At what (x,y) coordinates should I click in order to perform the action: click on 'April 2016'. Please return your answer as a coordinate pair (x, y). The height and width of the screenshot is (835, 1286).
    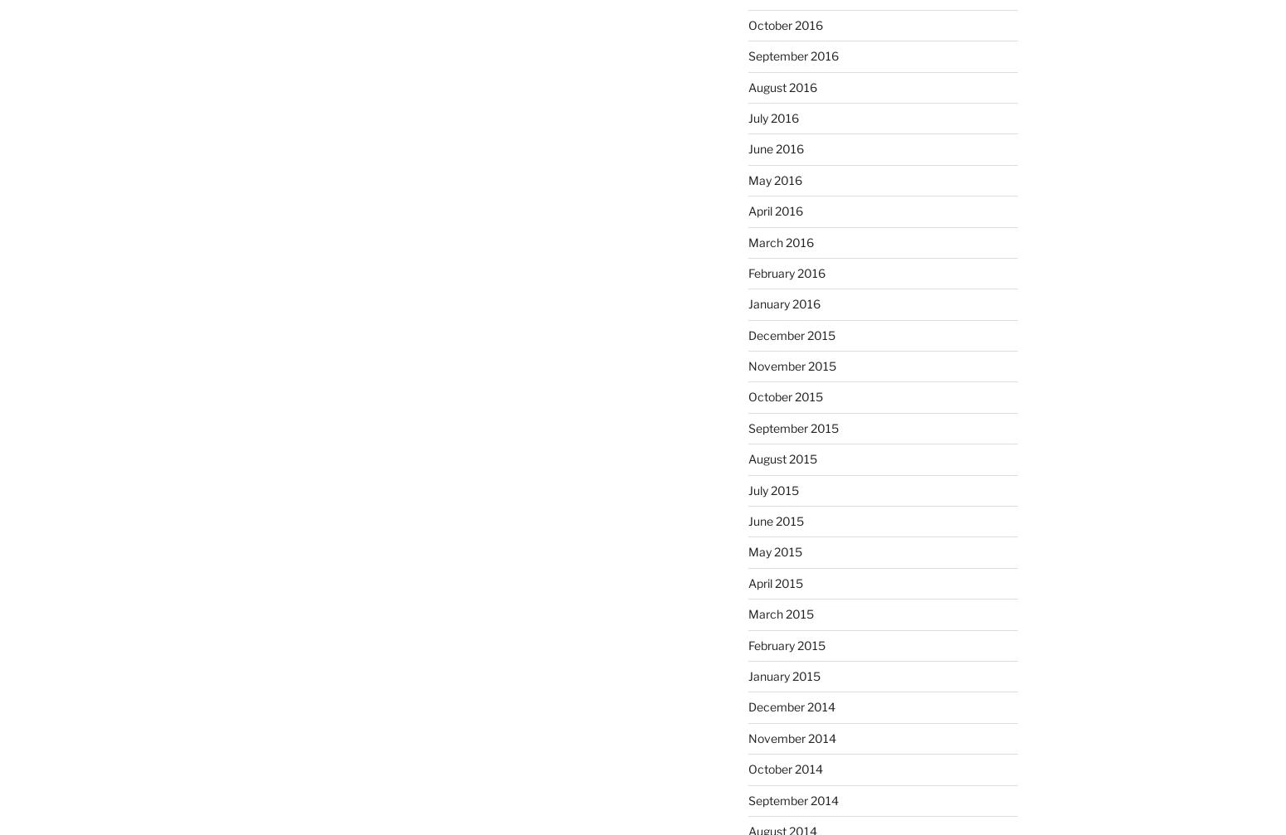
    Looking at the image, I should click on (774, 211).